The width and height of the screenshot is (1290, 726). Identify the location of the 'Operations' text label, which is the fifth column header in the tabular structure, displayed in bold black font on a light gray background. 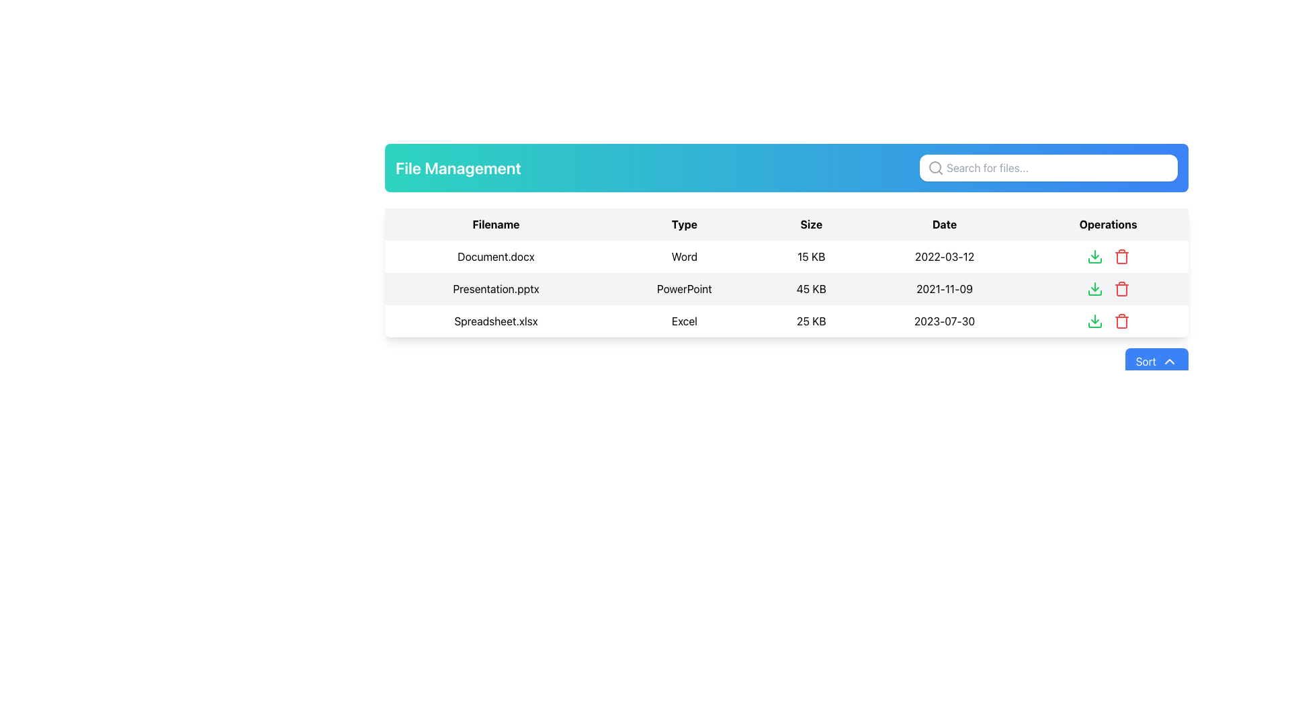
(1108, 224).